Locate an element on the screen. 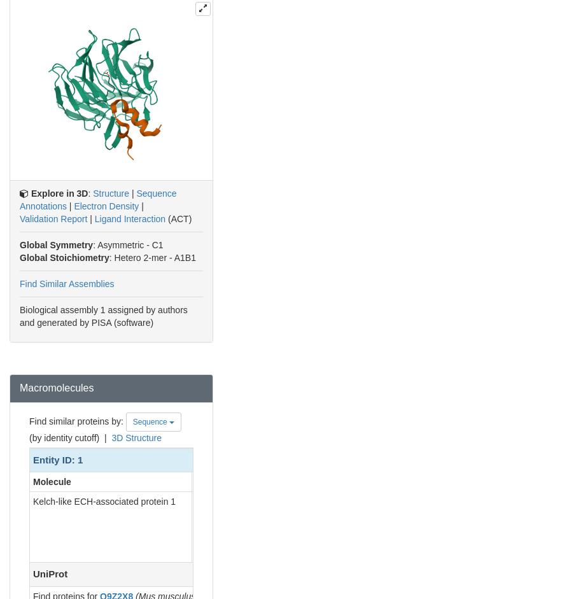 The height and width of the screenshot is (599, 583). 'Kelch-like ECH-associated protein 1' is located at coordinates (104, 501).